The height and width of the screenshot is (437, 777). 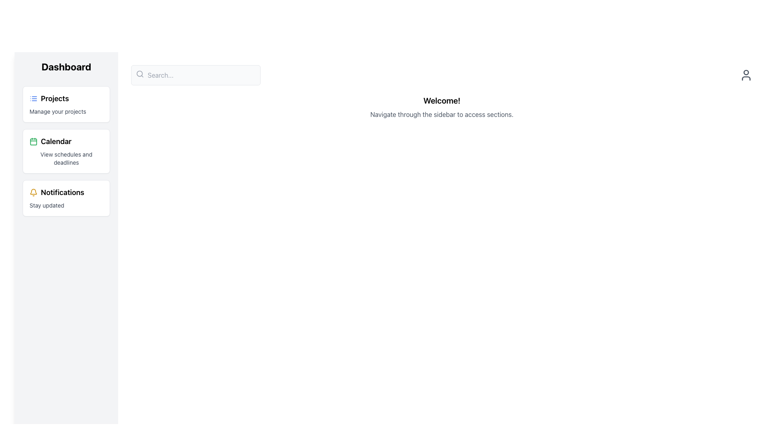 I want to click on the 'Calendar' navigation label located in the sidebar under the 'Dashboard' header, which is the second item in the vertical list of menu options, so click(x=50, y=141).